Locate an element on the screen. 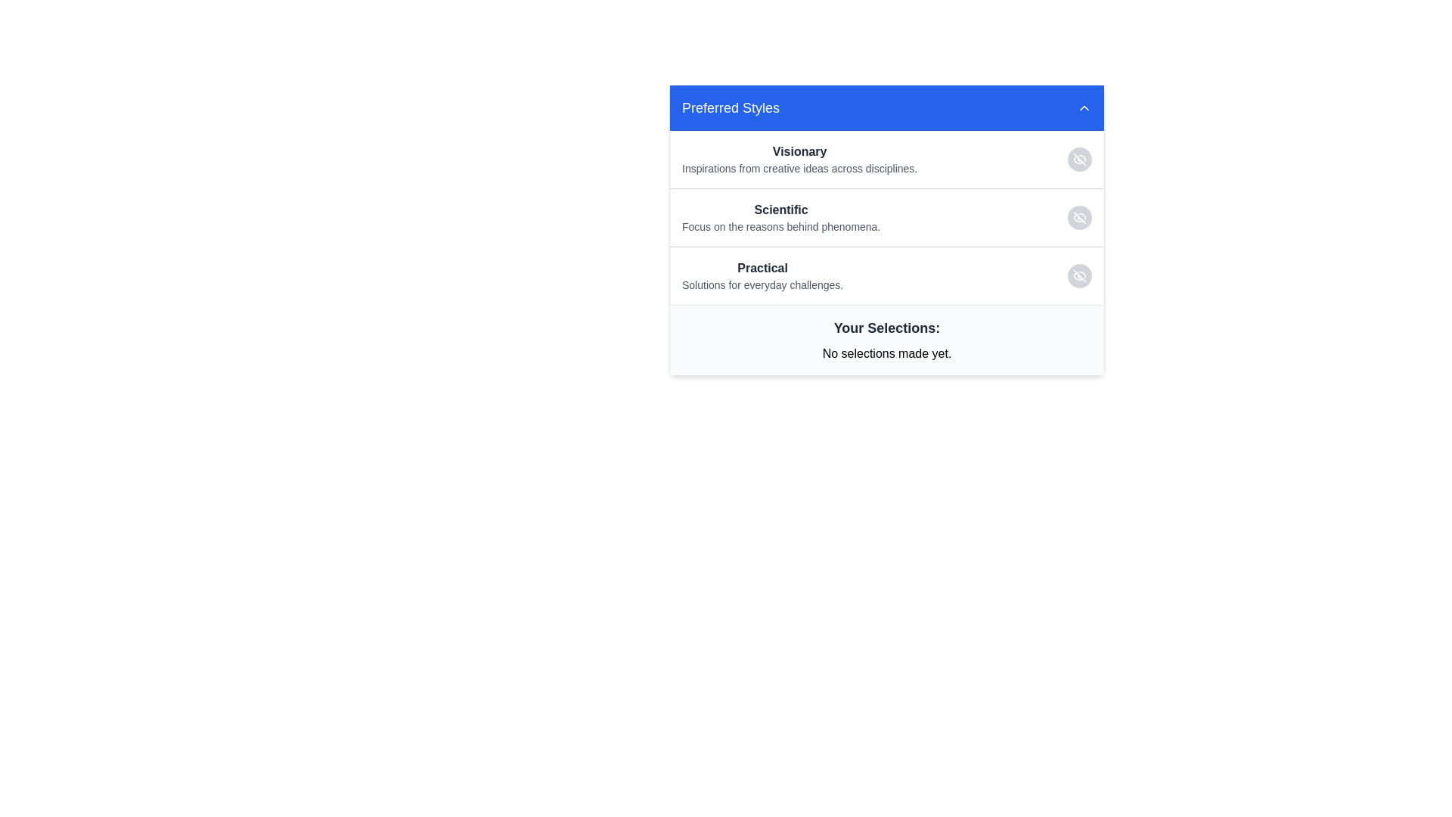 This screenshot has width=1452, height=817. the text label displaying 'Focus on the reasons behind phenomena.' located under the title 'Scientific' is located at coordinates (781, 227).